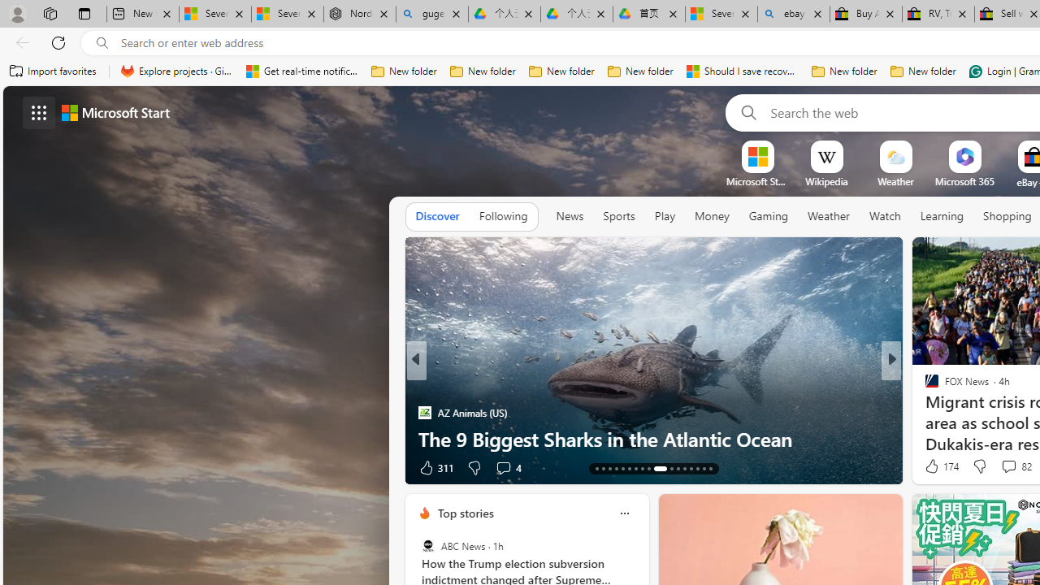  I want to click on '174 Like', so click(940, 466).